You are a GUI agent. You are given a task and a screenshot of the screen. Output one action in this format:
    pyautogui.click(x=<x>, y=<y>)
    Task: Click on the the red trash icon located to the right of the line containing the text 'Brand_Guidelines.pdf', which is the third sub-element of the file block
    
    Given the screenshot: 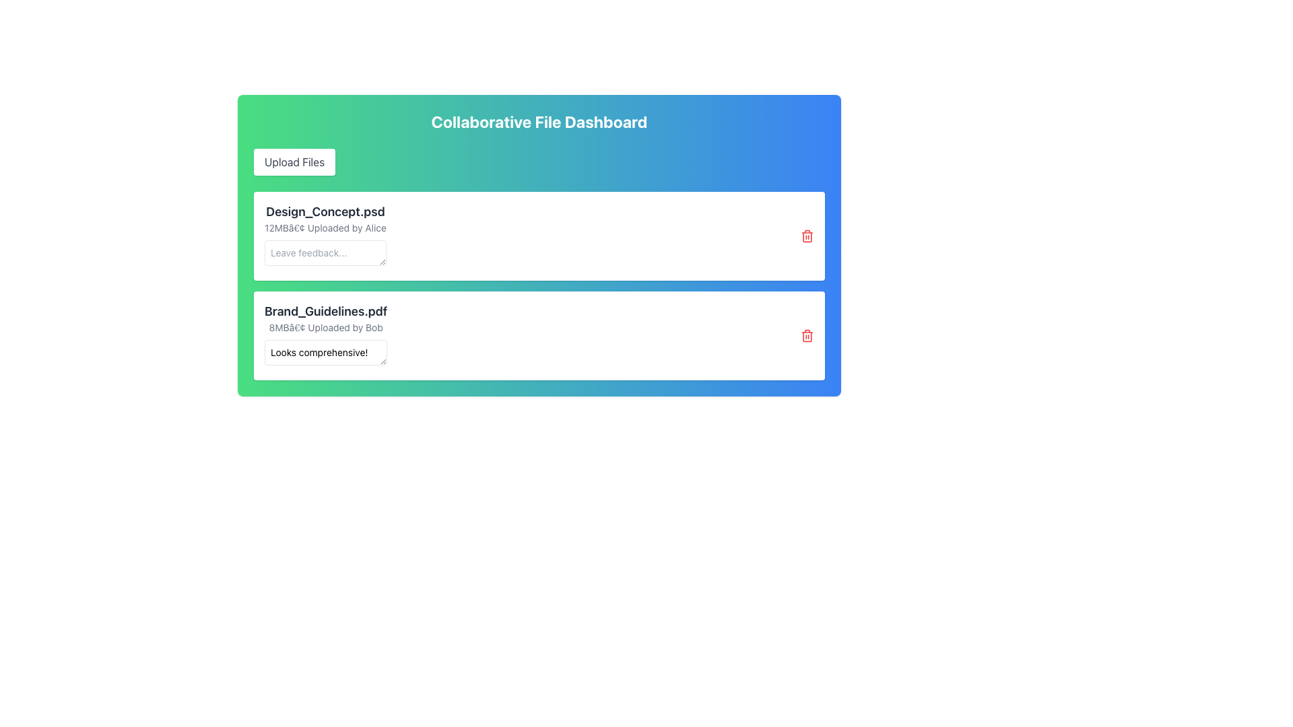 What is the action you would take?
    pyautogui.click(x=807, y=335)
    